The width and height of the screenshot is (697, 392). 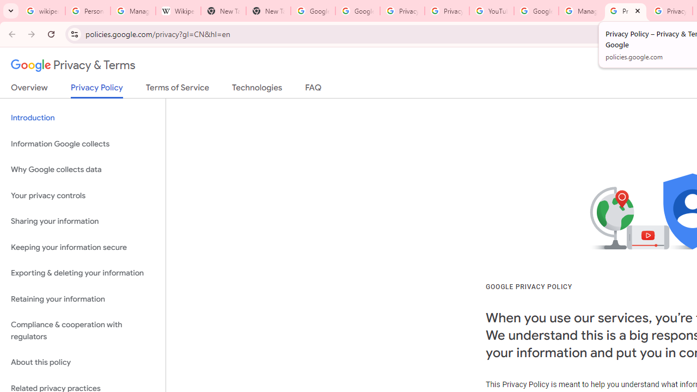 What do you see at coordinates (88, 11) in the screenshot?
I see `'Personalization & Google Search results - Google Search Help'` at bounding box center [88, 11].